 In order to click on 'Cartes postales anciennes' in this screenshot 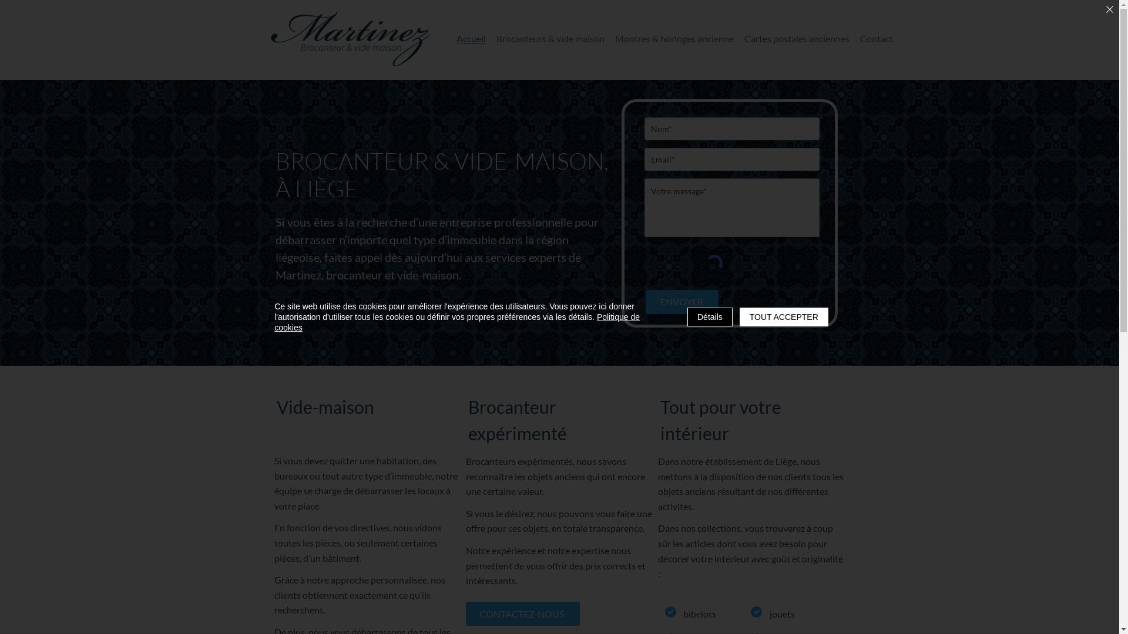, I will do `click(739, 38)`.